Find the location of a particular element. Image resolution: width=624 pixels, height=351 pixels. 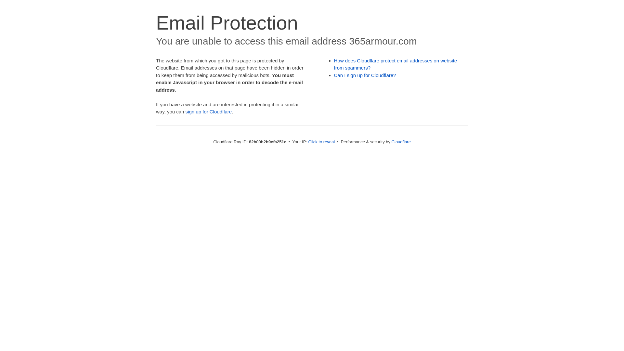

'Click to reveal' is located at coordinates (321, 141).